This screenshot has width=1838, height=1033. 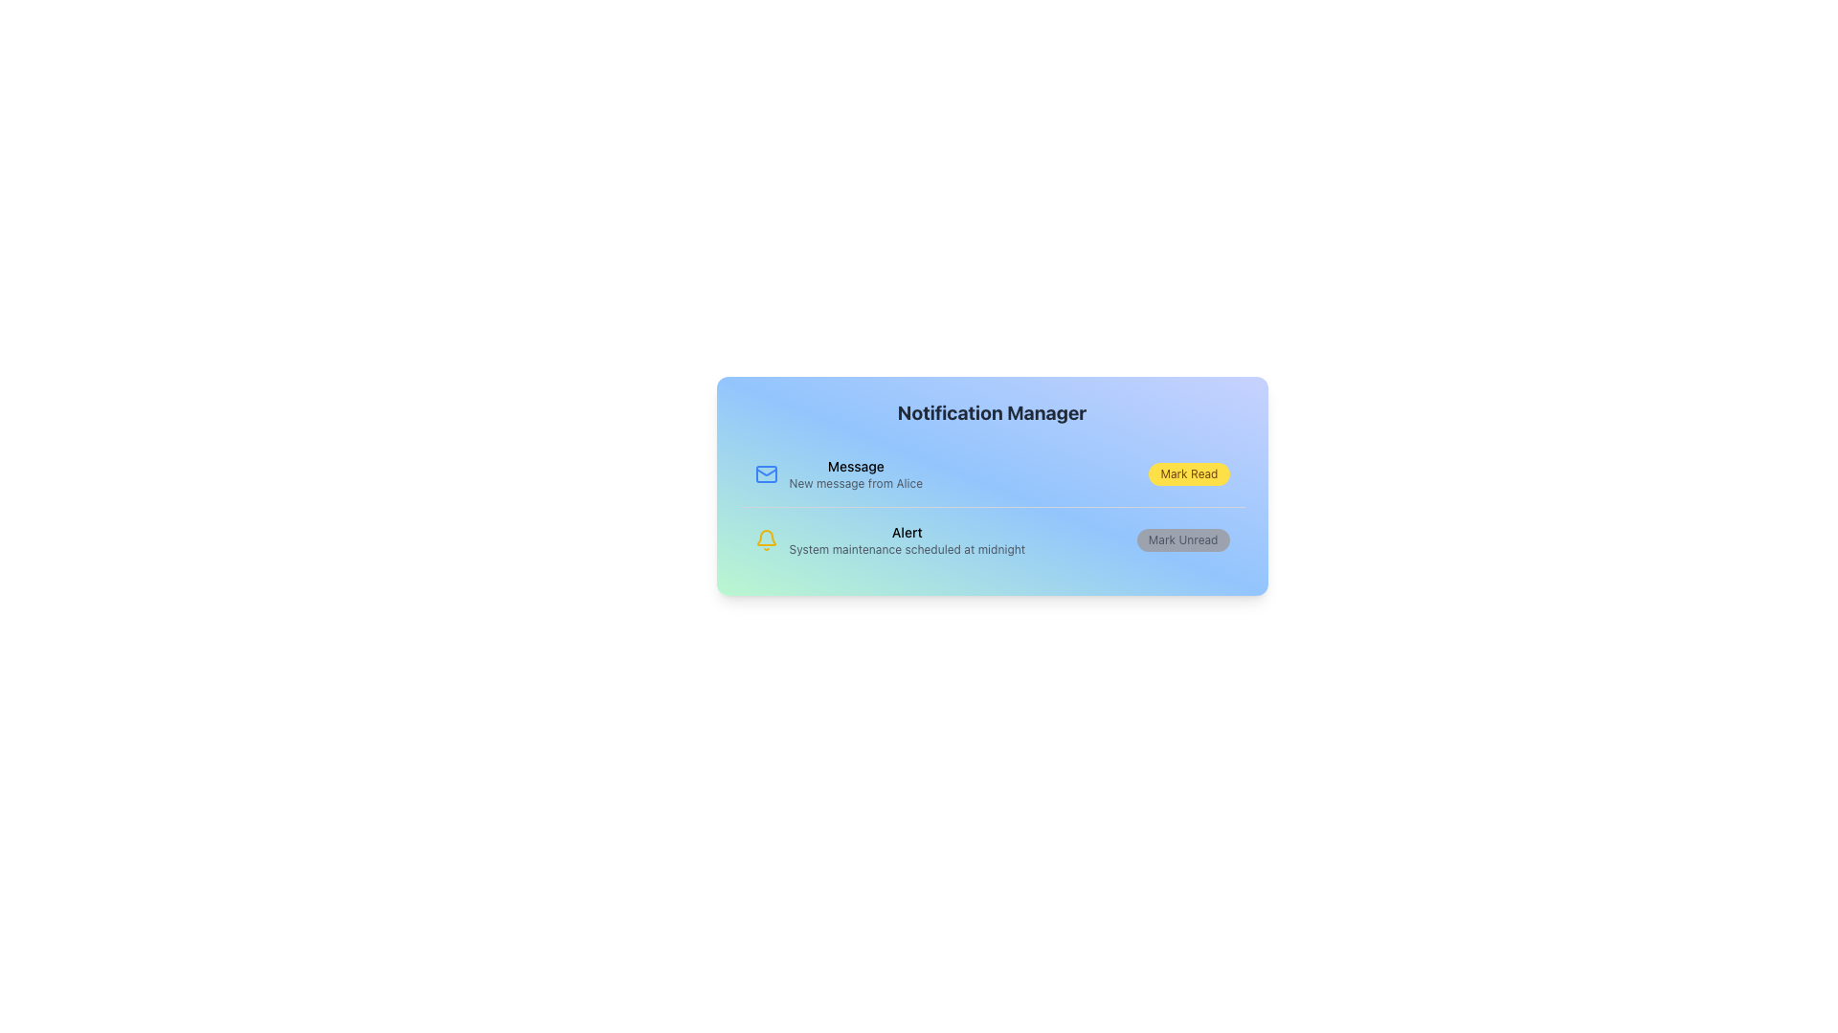 What do you see at coordinates (906, 539) in the screenshot?
I see `the text block titled 'Alert' which has a subtitle 'System maintenance scheduled at midnight'` at bounding box center [906, 539].